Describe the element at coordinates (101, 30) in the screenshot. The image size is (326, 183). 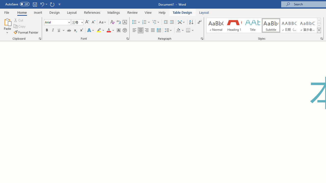
I see `'Text Highlight Color'` at that location.